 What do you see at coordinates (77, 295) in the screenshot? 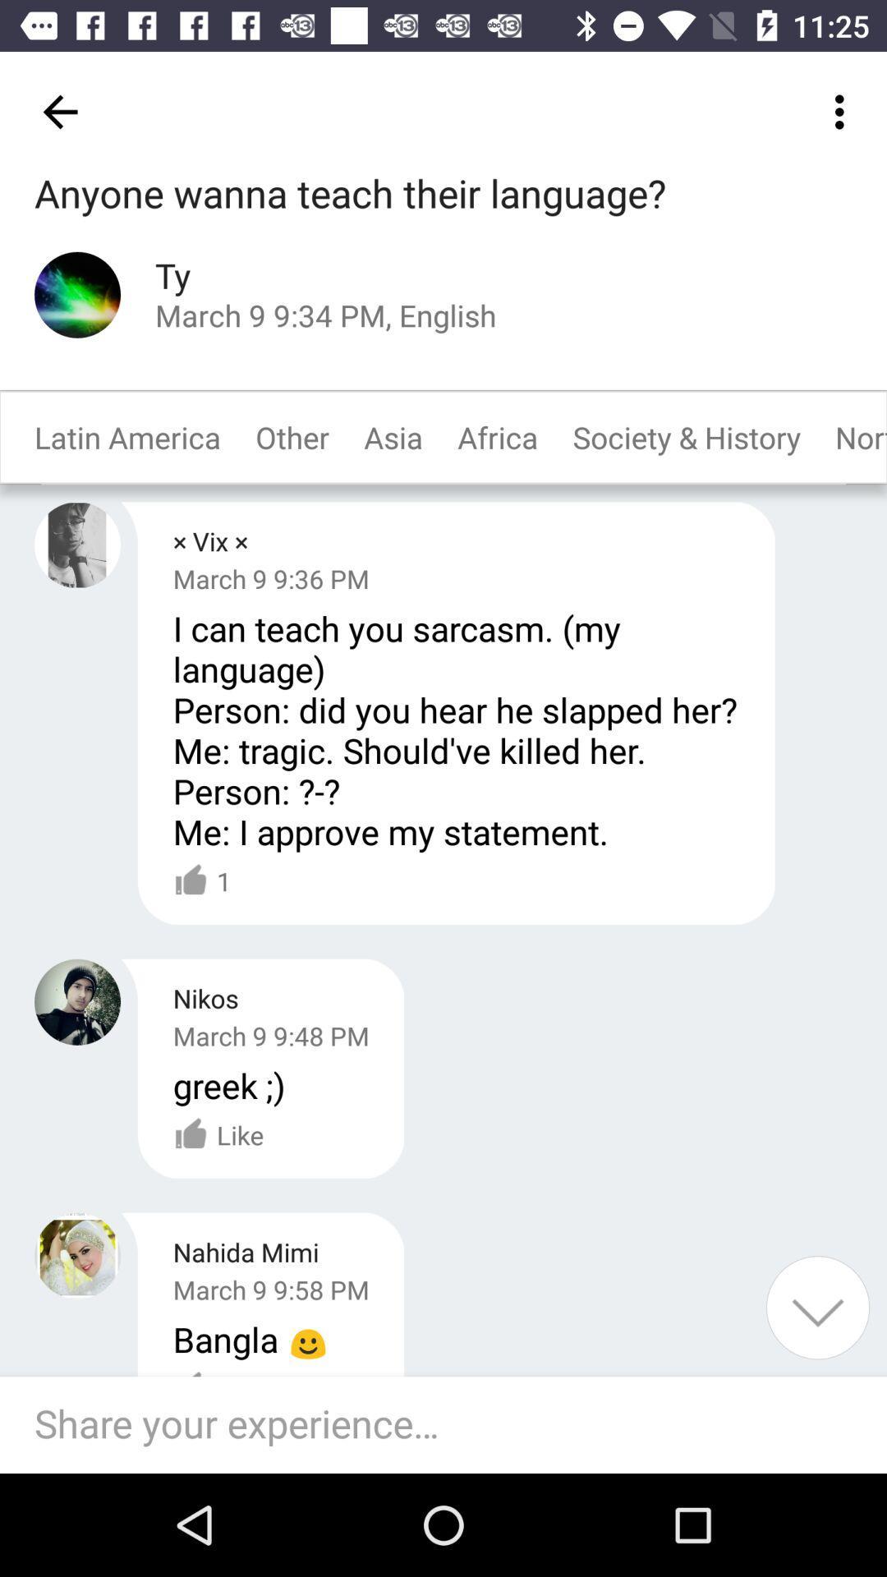
I see `the image which is left to ty` at bounding box center [77, 295].